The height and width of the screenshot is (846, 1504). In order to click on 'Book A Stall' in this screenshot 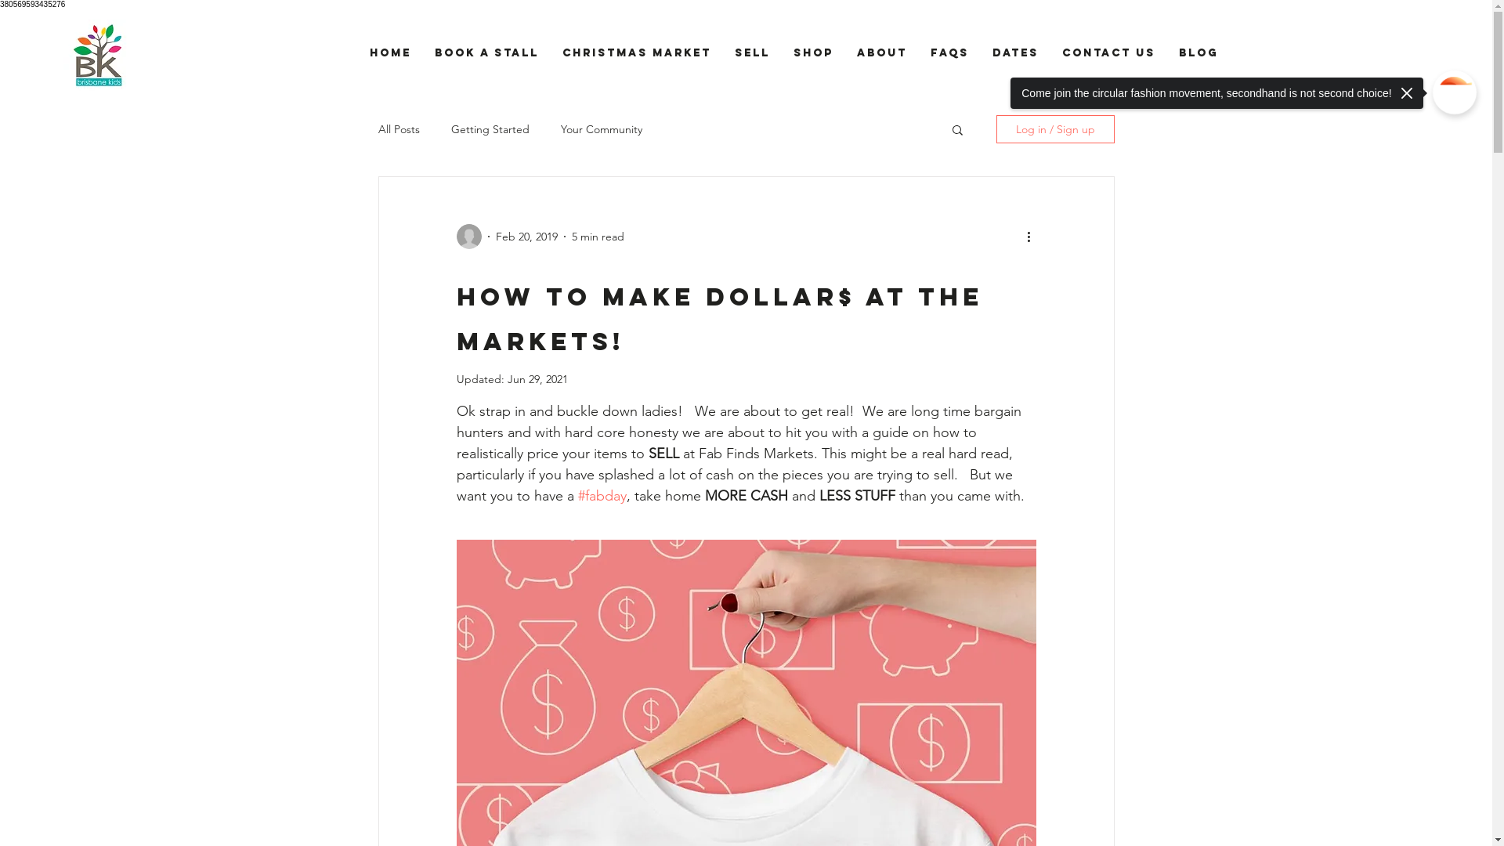, I will do `click(486, 52)`.